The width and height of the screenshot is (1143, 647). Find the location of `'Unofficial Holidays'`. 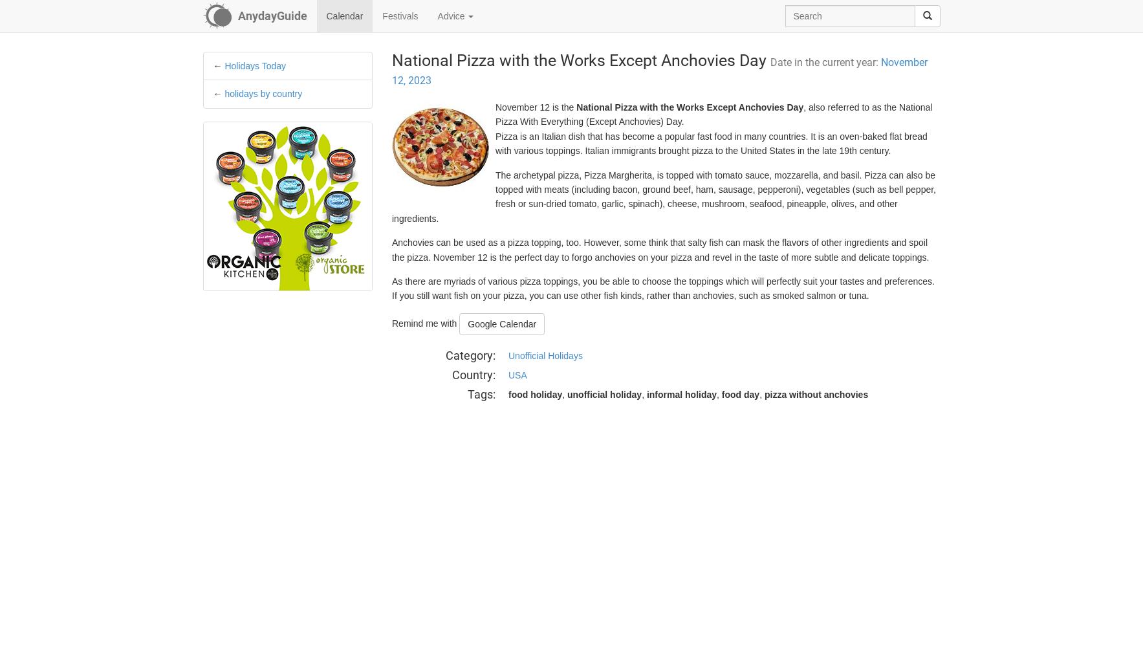

'Unofficial Holidays' is located at coordinates (545, 356).